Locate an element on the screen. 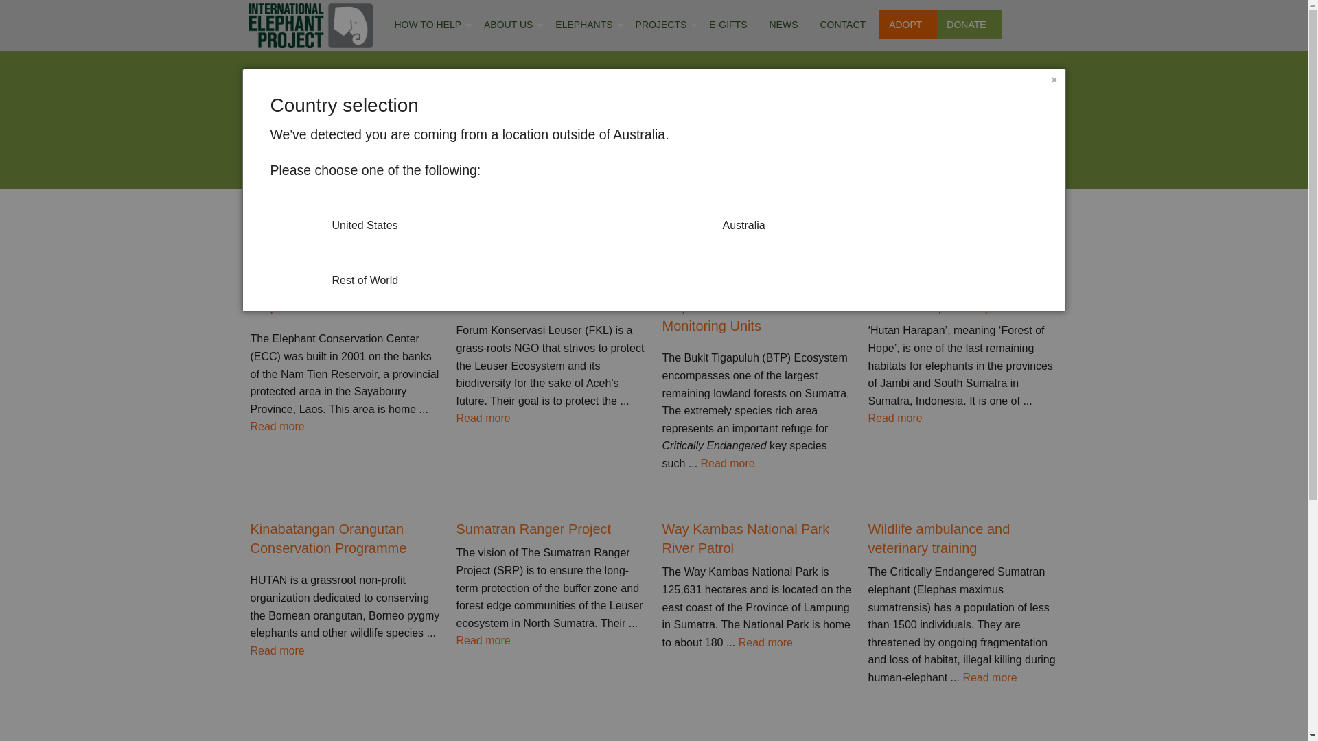 The height and width of the screenshot is (741, 1318). 'ASIAN ELEPHANT FACTS' is located at coordinates (583, 66).